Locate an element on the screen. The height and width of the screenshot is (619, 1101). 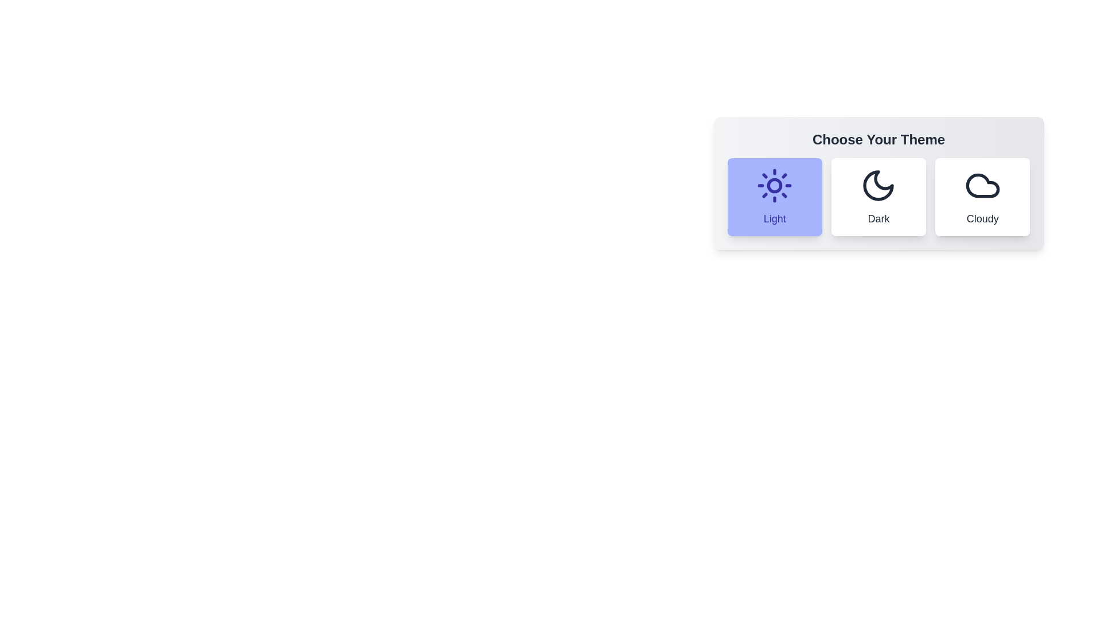
the light theme icon, which is a small filled circular icon at the center of a larger sun-shaped icon in the theme selection component is located at coordinates (775, 185).